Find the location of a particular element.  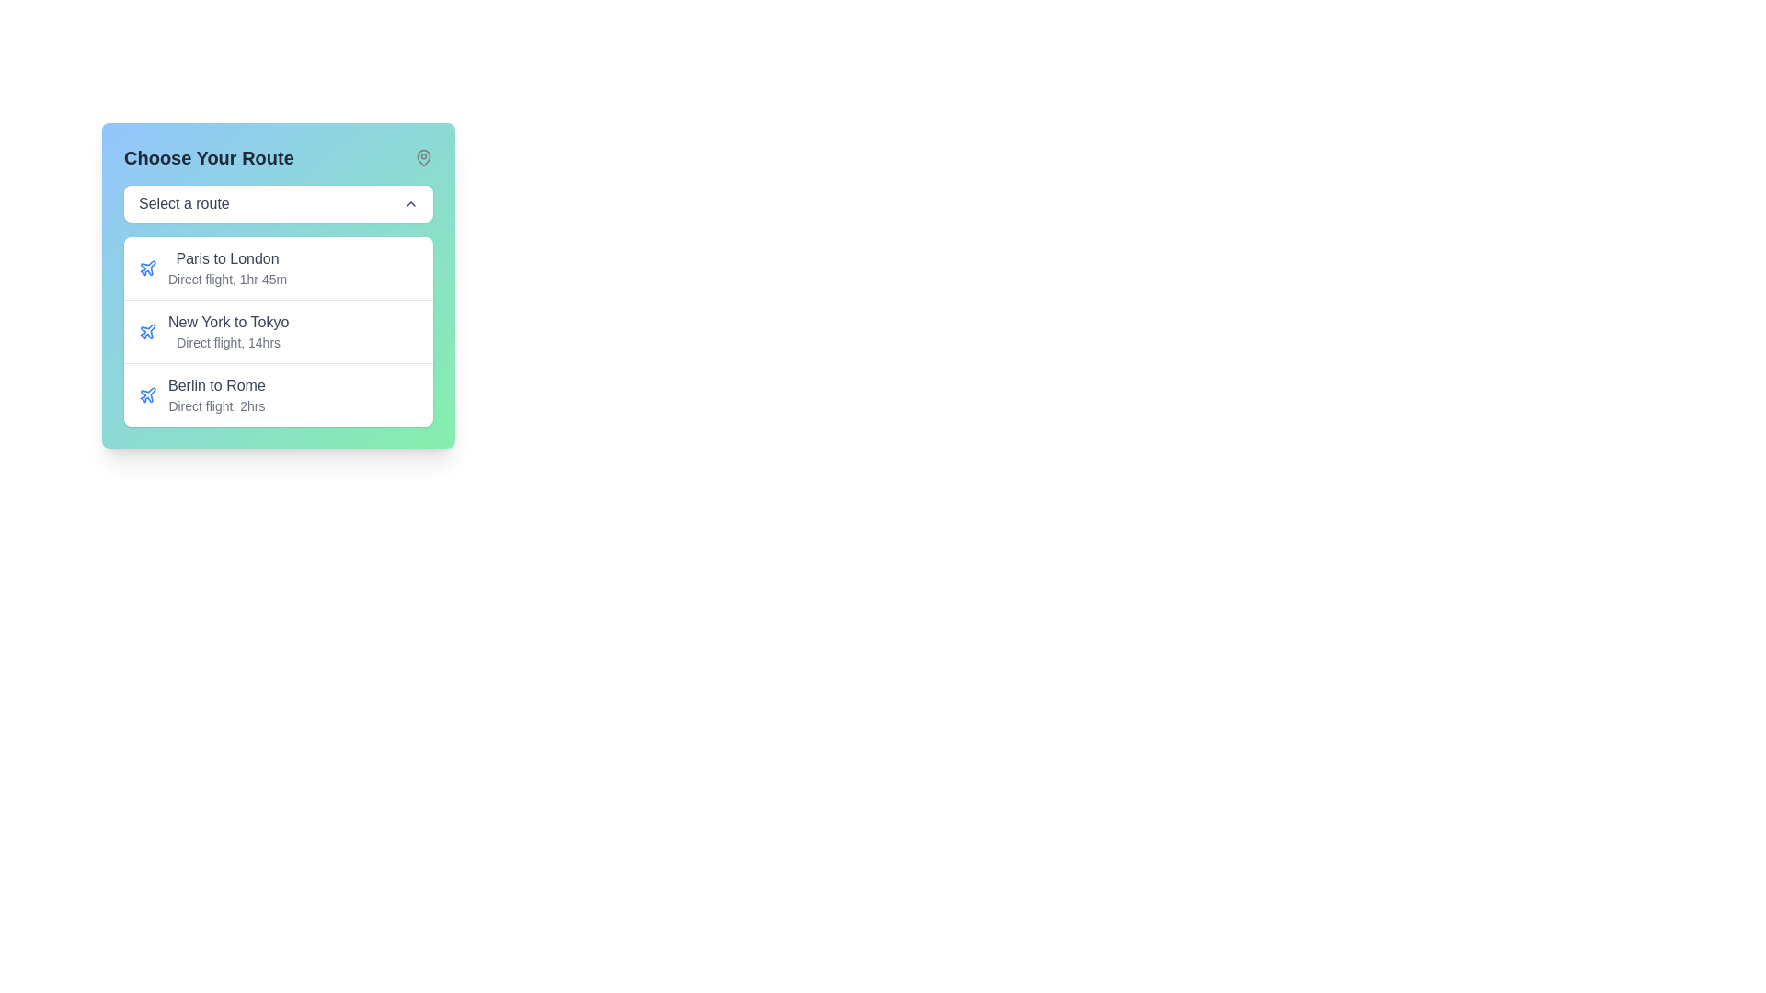

the first flight option text label in the dropdown menu that displays information about a specific flight route is located at coordinates (226, 268).